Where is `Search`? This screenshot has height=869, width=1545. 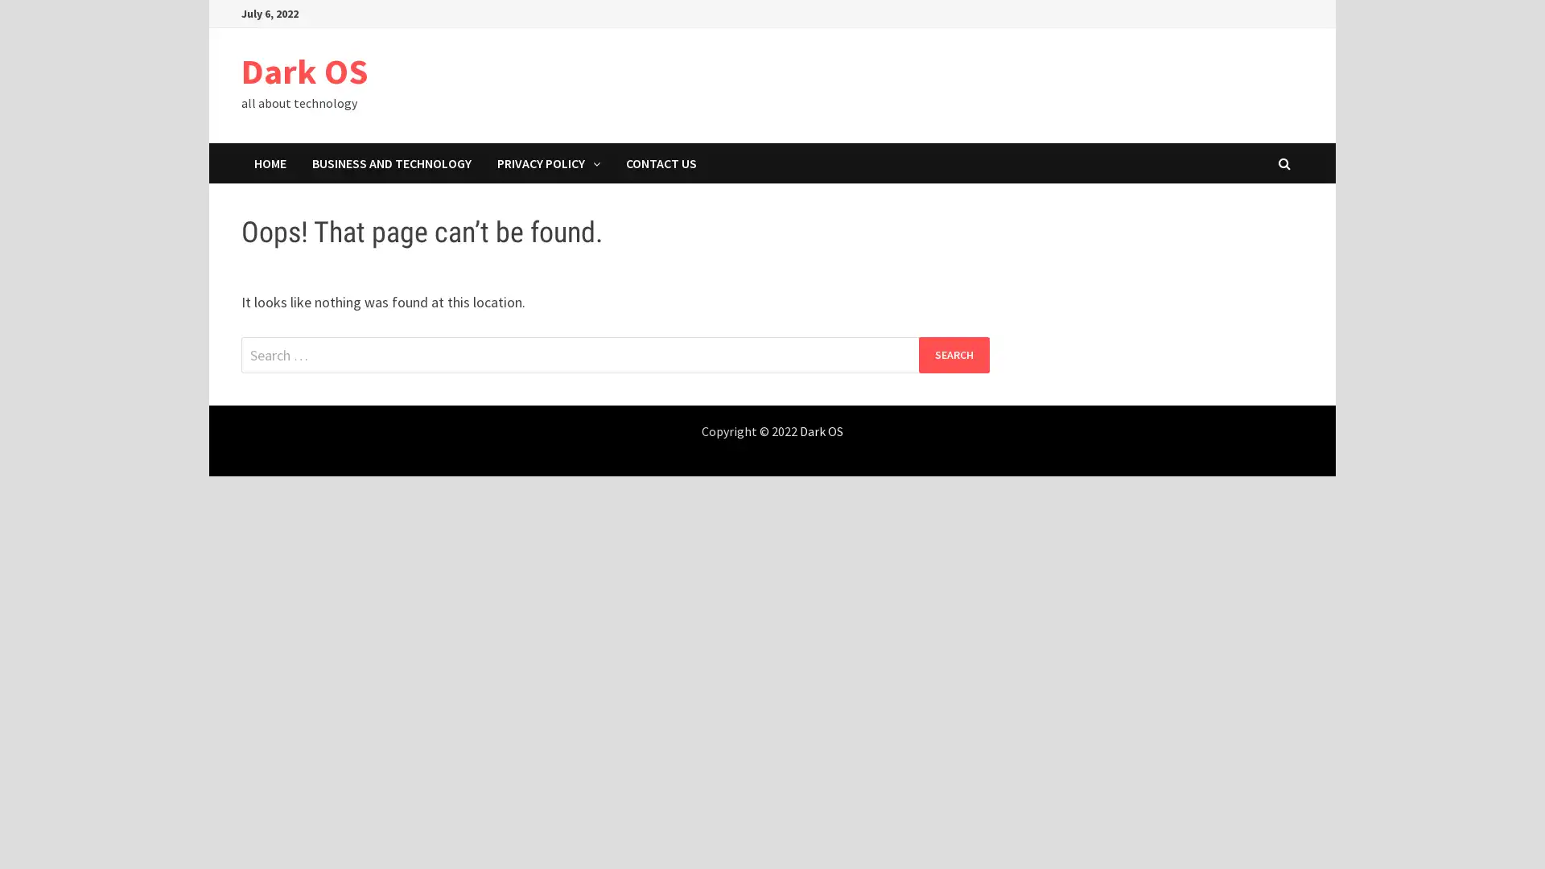 Search is located at coordinates (954, 353).